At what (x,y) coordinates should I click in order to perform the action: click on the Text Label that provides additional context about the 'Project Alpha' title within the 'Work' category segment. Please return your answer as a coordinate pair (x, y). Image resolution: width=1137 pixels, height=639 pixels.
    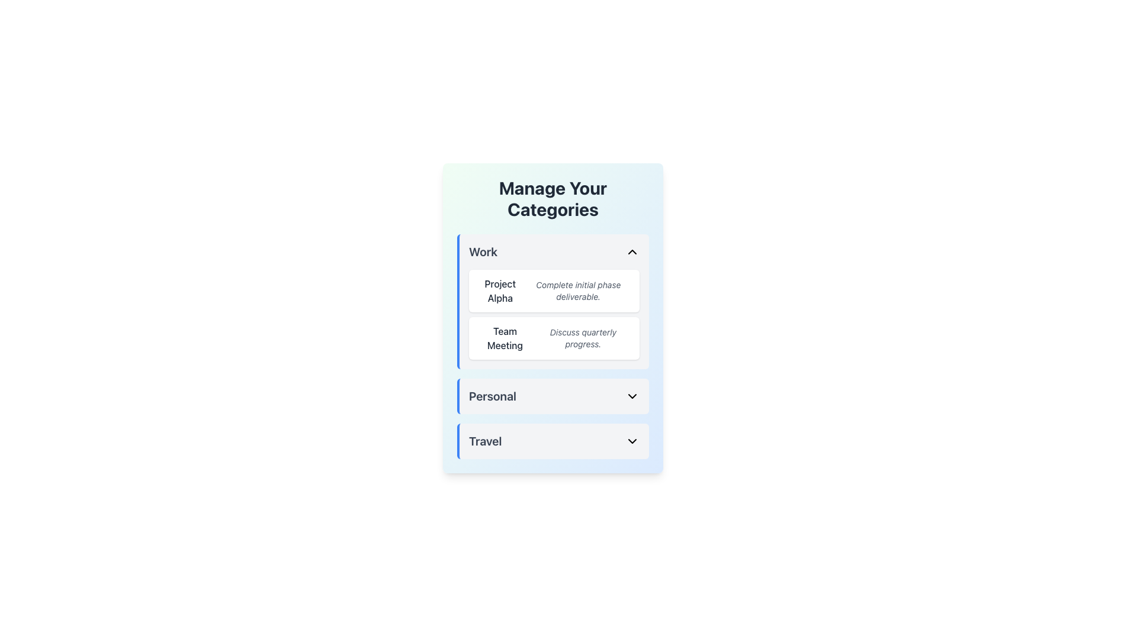
    Looking at the image, I should click on (578, 291).